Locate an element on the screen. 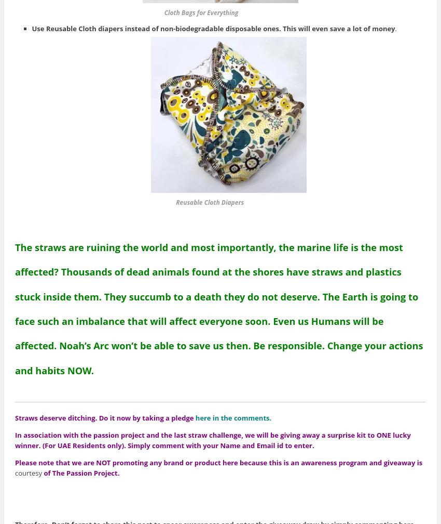  'Cloth Bags for Everything' is located at coordinates (139, 12).